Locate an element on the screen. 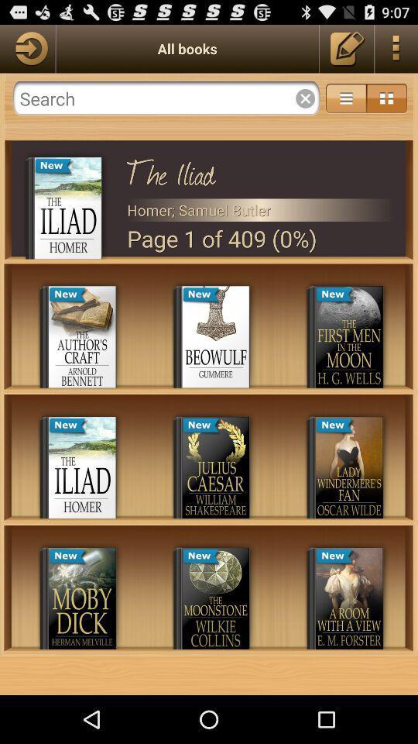 This screenshot has height=744, width=418. the third row second image is located at coordinates (215, 598).